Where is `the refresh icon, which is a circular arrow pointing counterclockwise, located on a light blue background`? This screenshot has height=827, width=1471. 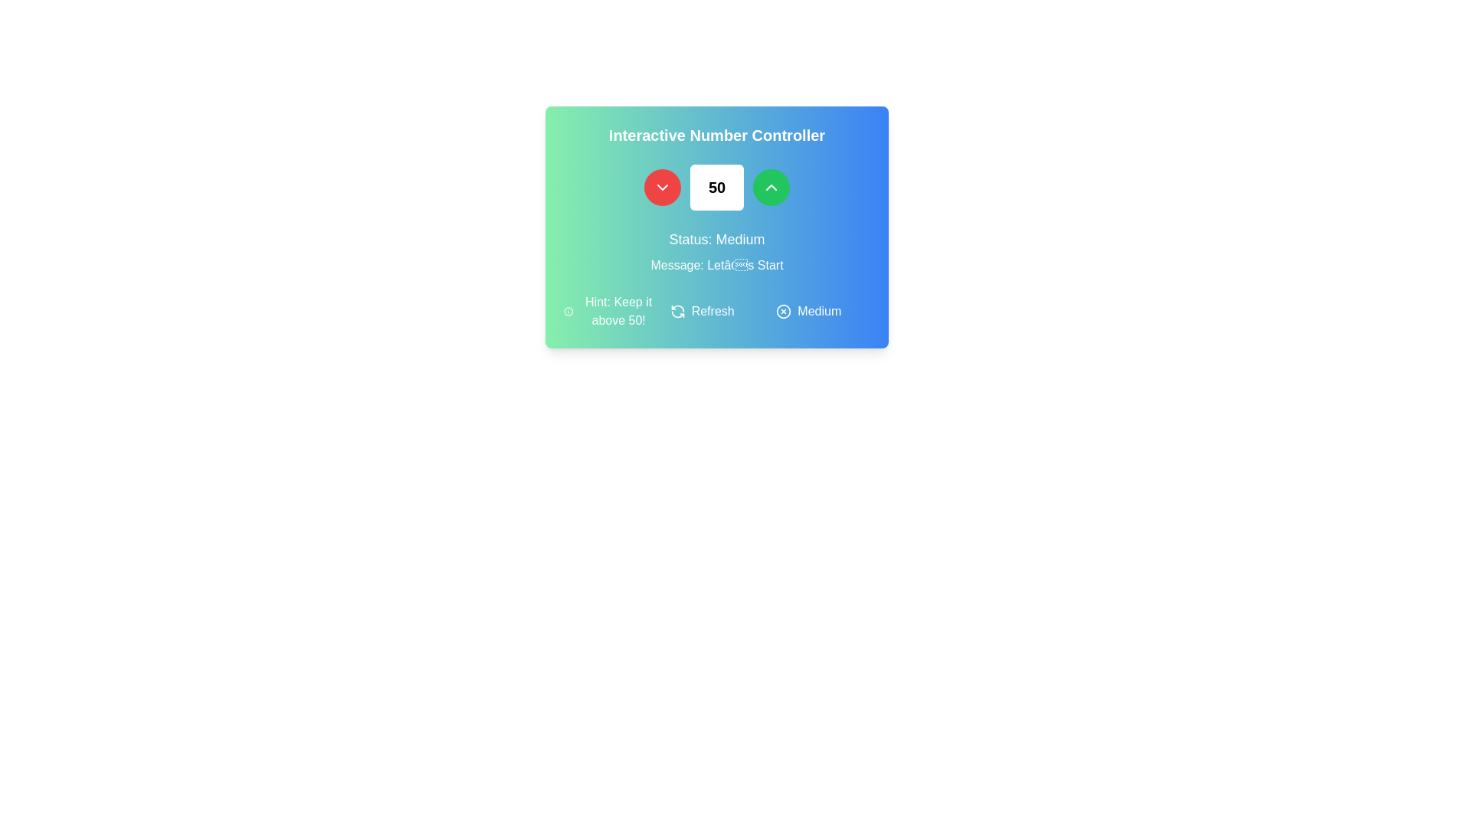
the refresh icon, which is a circular arrow pointing counterclockwise, located on a light blue background is located at coordinates (677, 311).